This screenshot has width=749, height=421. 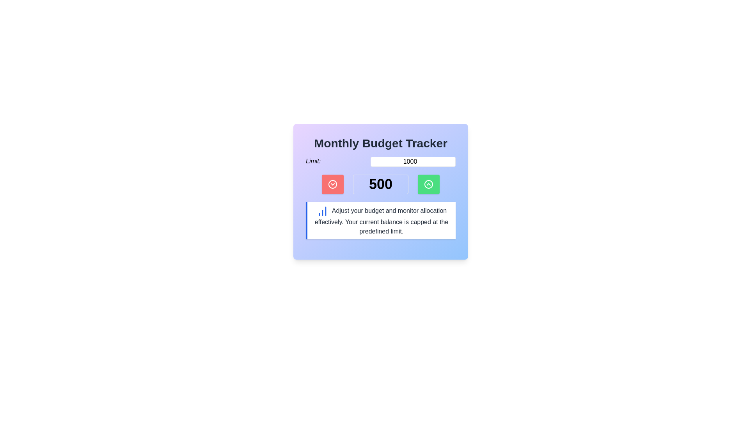 I want to click on the green button with a chevron shape located to the right of the central numeric display to increment the numerical value, so click(x=428, y=184).